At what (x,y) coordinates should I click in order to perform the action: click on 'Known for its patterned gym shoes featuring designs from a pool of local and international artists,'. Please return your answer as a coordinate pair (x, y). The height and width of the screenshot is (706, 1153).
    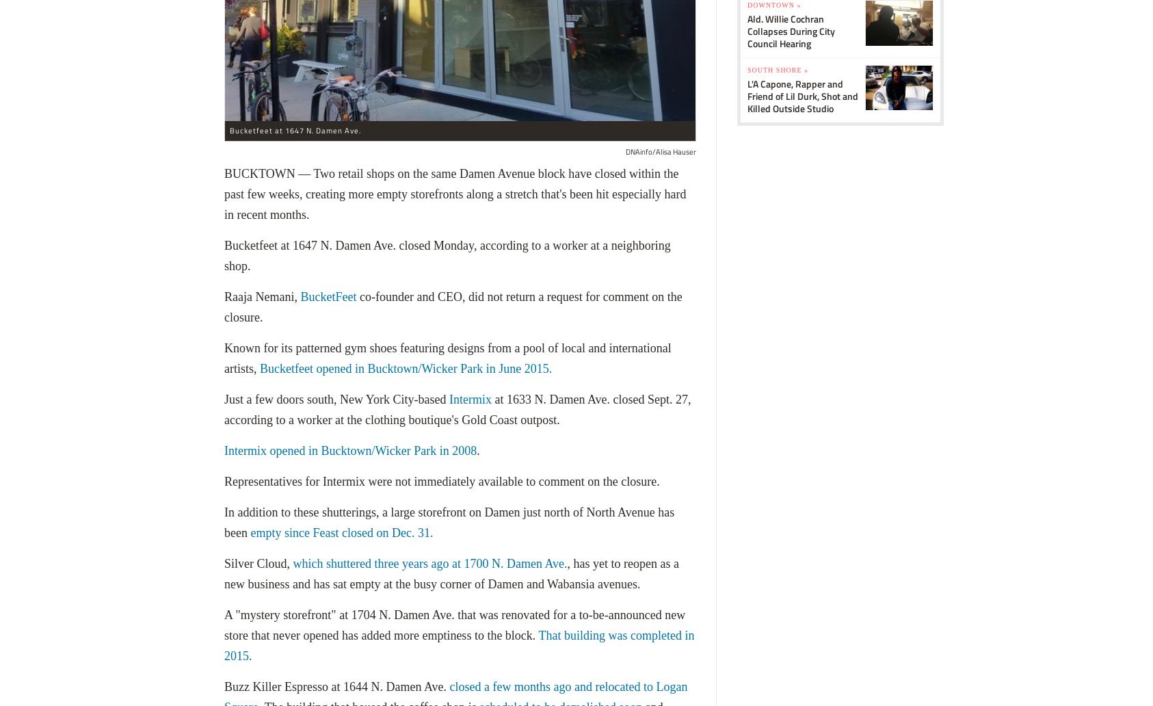
    Looking at the image, I should click on (447, 358).